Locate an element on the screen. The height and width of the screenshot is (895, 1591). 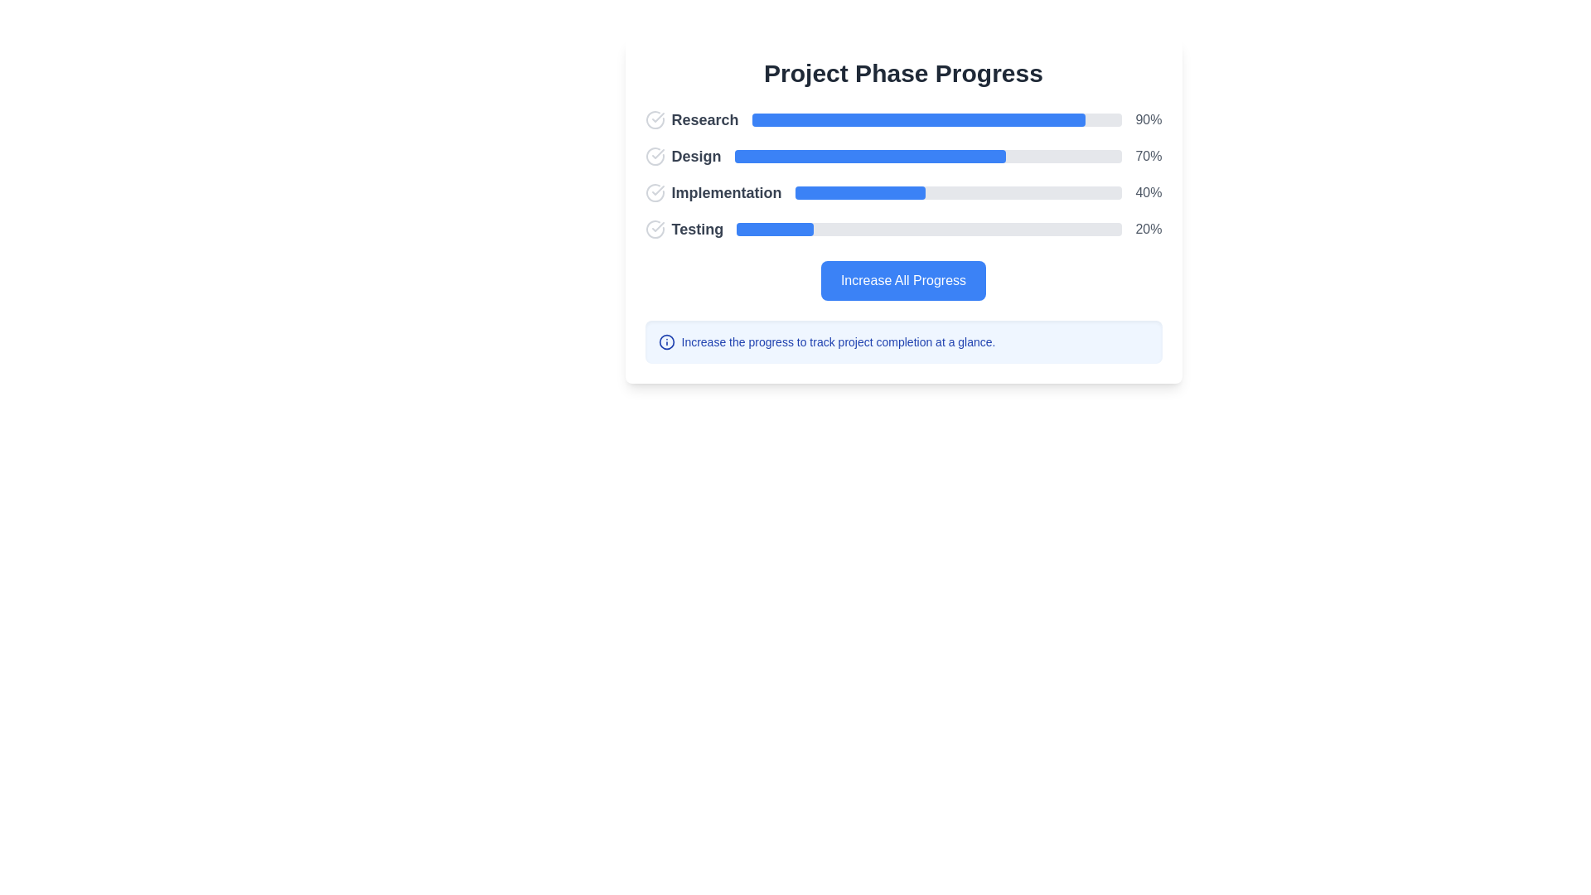
the blue rectangular button labeled 'Increase All Progress' to observe its hover effect is located at coordinates (902, 280).